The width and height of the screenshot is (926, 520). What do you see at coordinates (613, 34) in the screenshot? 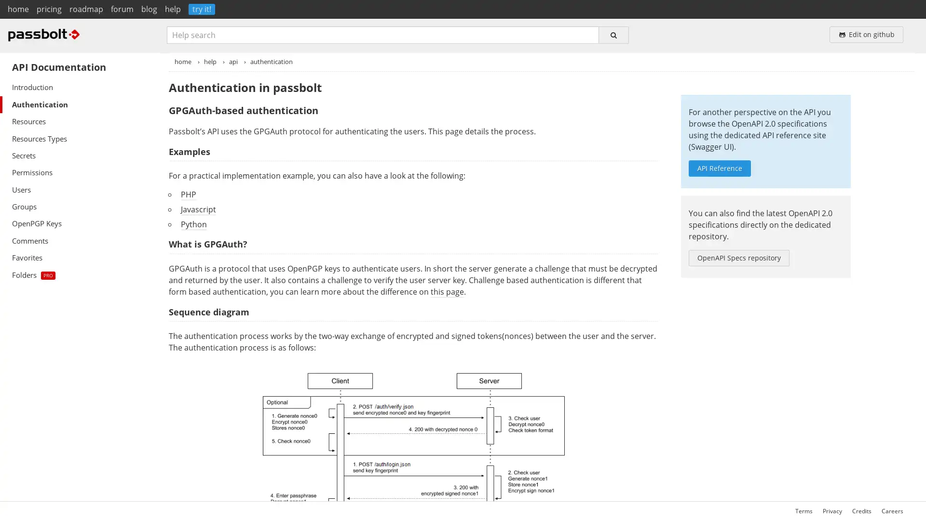
I see `search` at bounding box center [613, 34].